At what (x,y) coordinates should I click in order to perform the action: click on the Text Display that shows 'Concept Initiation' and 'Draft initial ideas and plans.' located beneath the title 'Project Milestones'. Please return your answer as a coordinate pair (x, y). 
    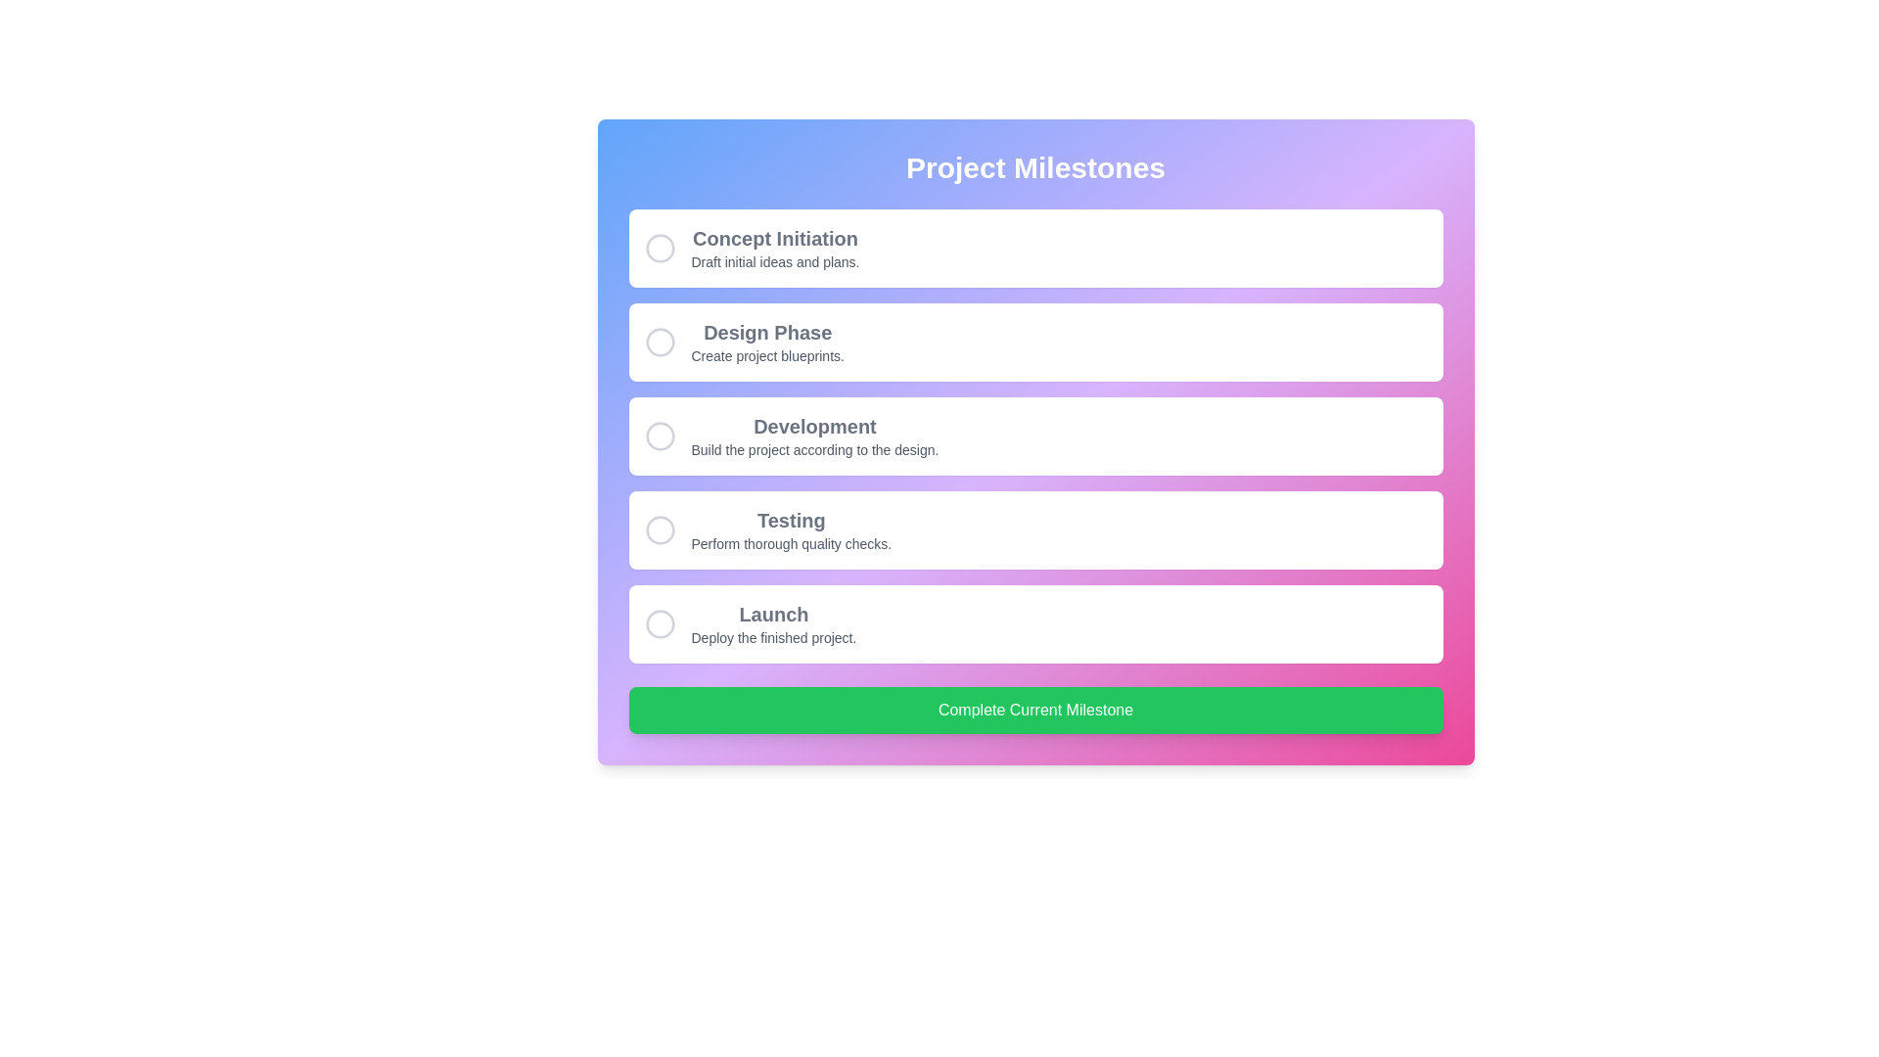
    Looking at the image, I should click on (774, 248).